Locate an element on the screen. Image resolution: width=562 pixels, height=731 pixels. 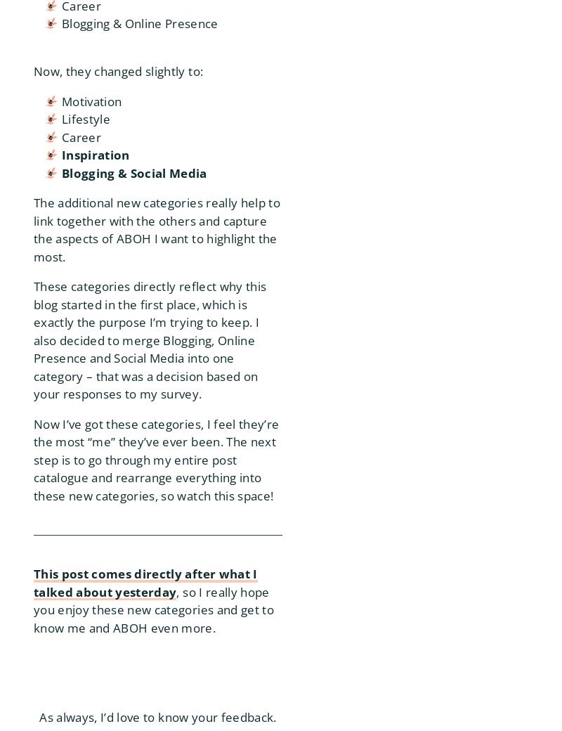
'Now, they changed slightly to:' is located at coordinates (117, 70).